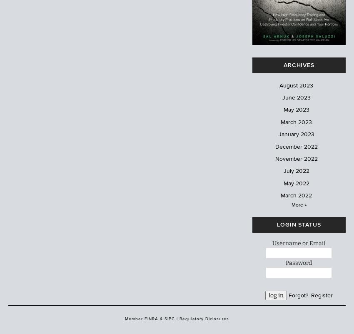 Image resolution: width=354 pixels, height=334 pixels. What do you see at coordinates (298, 204) in the screenshot?
I see `'More »'` at bounding box center [298, 204].